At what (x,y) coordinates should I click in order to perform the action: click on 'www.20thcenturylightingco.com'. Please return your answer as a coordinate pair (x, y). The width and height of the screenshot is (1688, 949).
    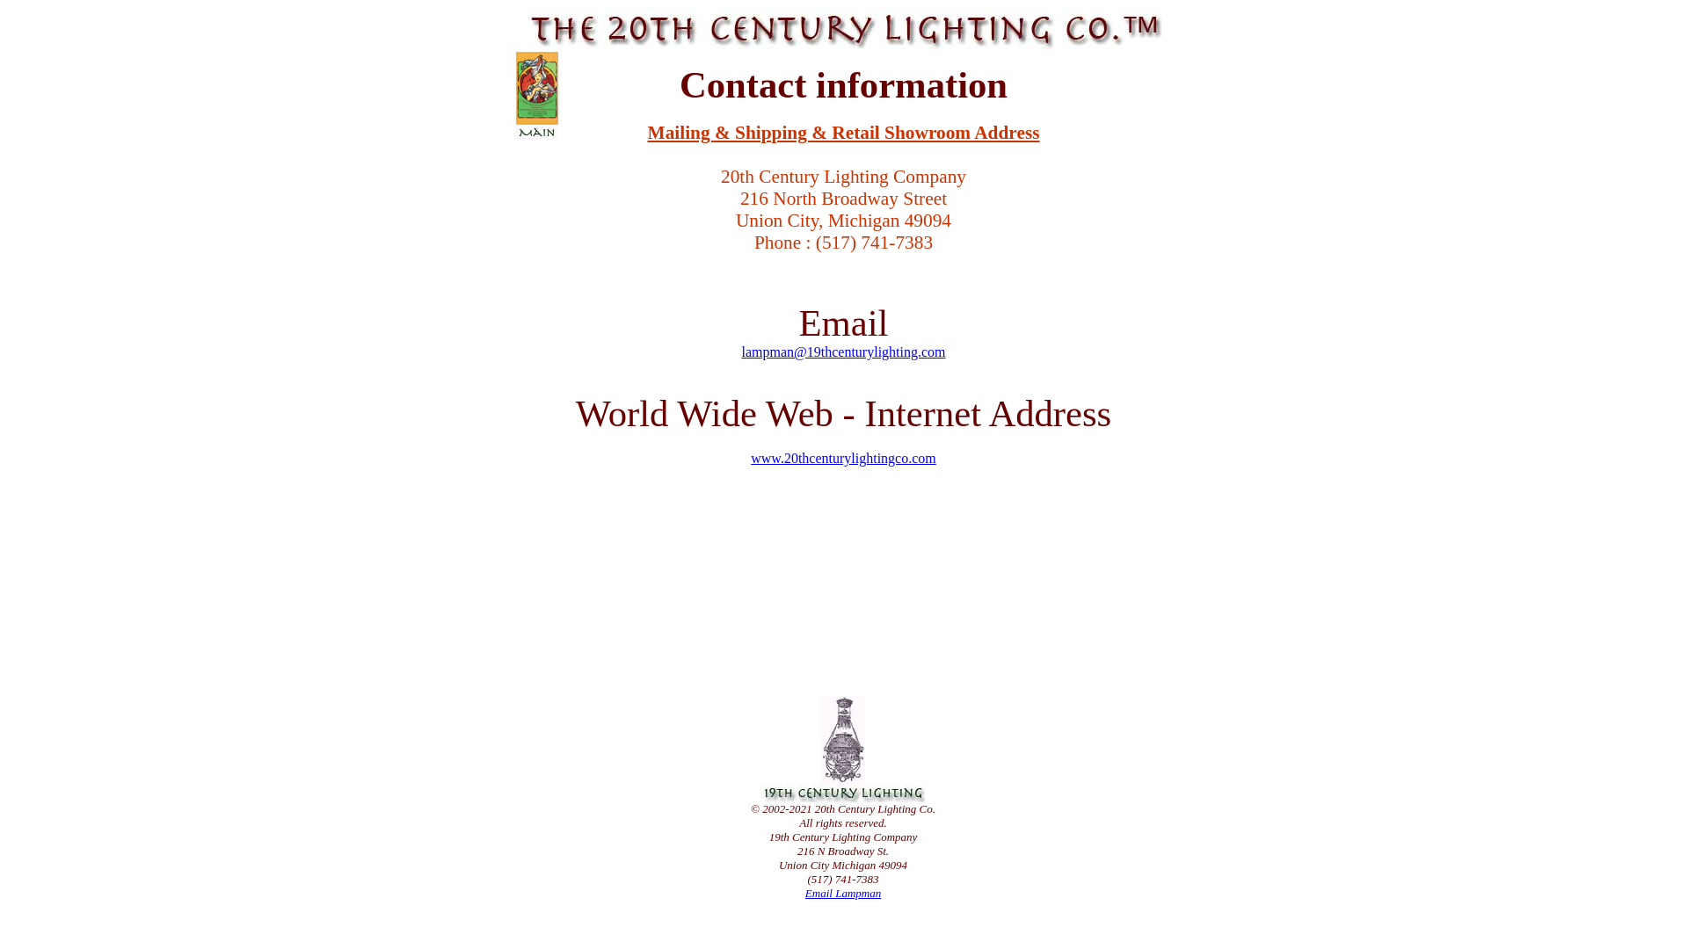
    Looking at the image, I should click on (842, 457).